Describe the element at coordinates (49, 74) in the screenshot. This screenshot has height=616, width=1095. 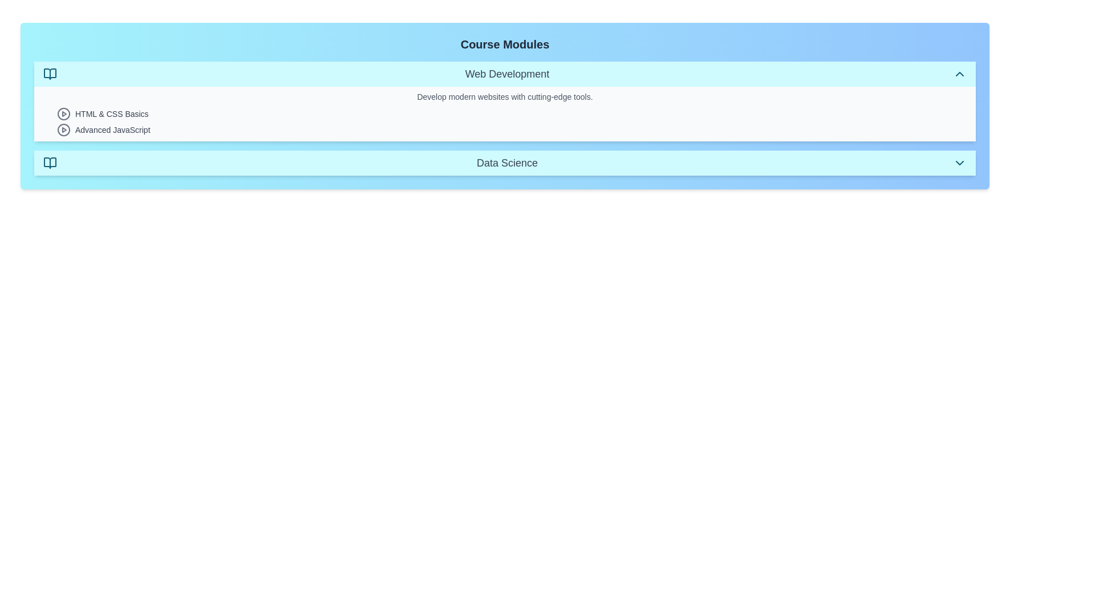
I see `the small cyan open book icon located at the top-left corner of the 'Web Development' module header` at that location.